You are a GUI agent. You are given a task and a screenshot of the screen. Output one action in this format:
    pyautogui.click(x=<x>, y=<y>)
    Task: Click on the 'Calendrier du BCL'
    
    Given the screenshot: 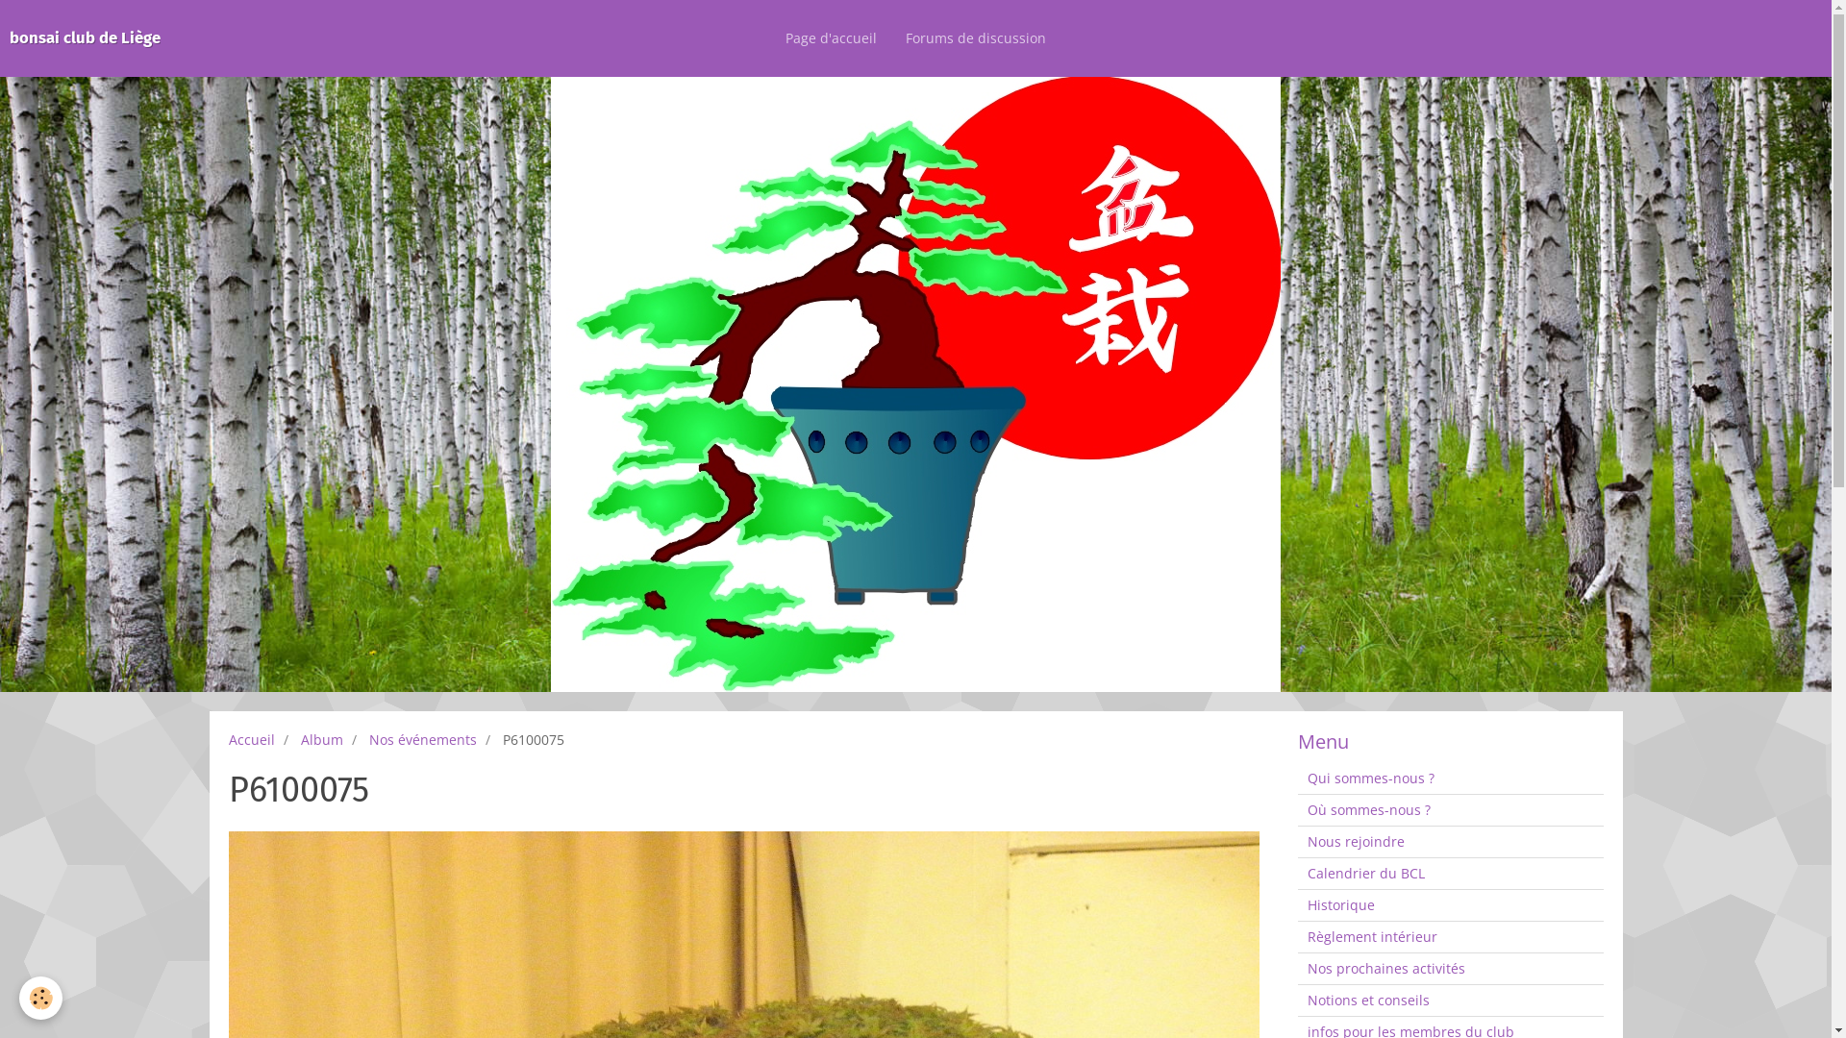 What is the action you would take?
    pyautogui.click(x=1450, y=874)
    